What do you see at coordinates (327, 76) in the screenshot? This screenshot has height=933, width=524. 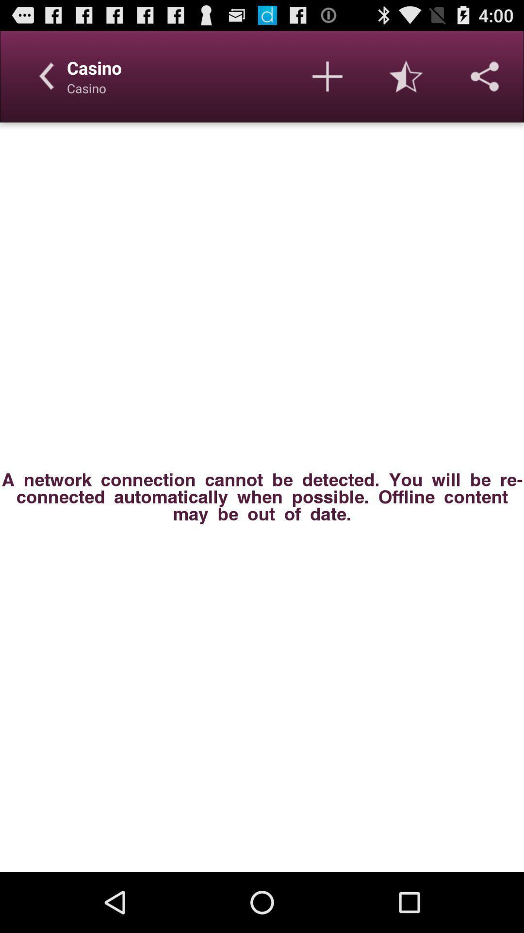 I see `casino` at bounding box center [327, 76].